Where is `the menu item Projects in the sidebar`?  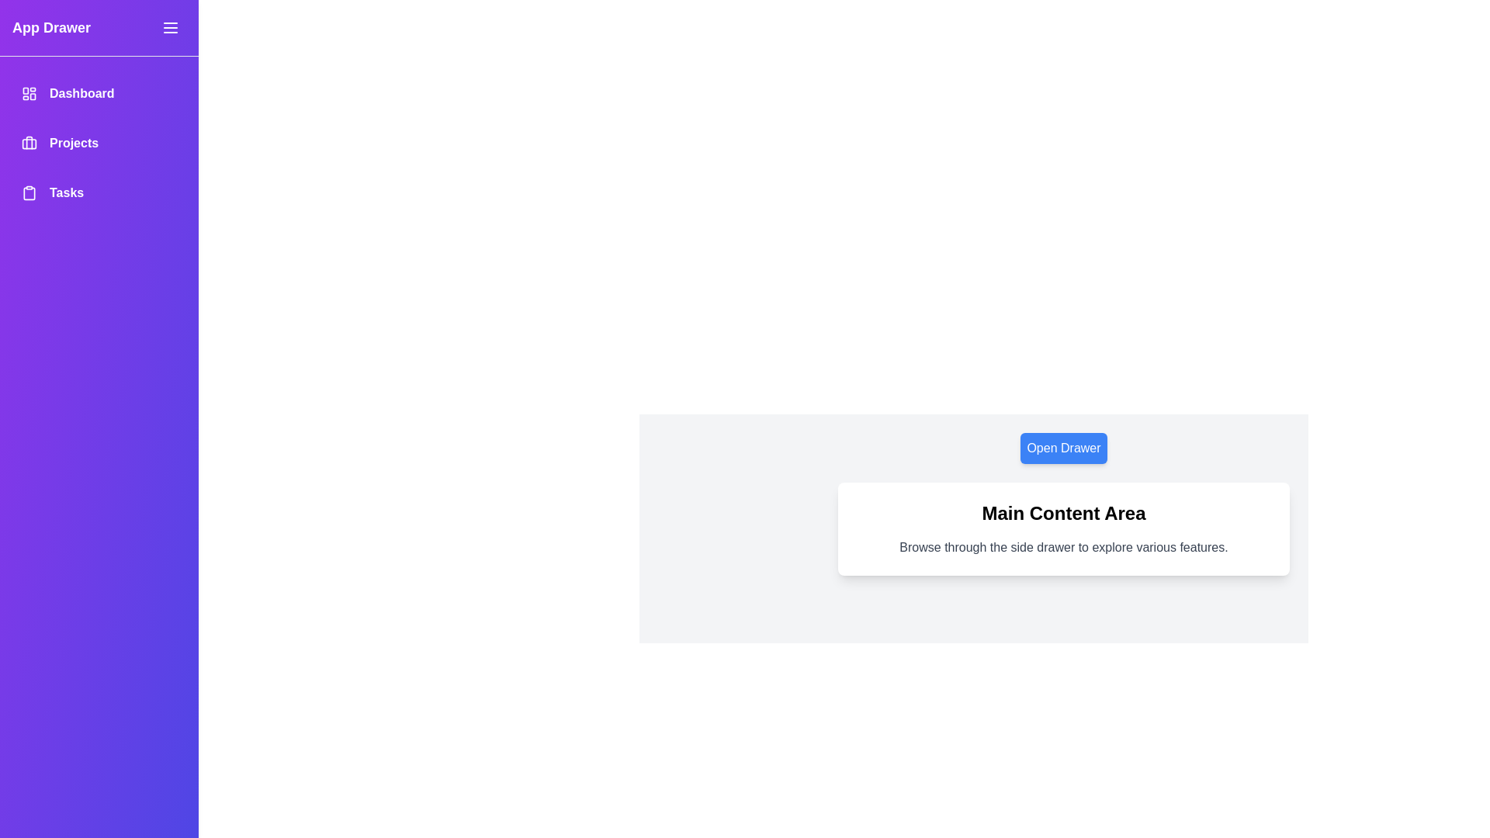
the menu item Projects in the sidebar is located at coordinates (99, 144).